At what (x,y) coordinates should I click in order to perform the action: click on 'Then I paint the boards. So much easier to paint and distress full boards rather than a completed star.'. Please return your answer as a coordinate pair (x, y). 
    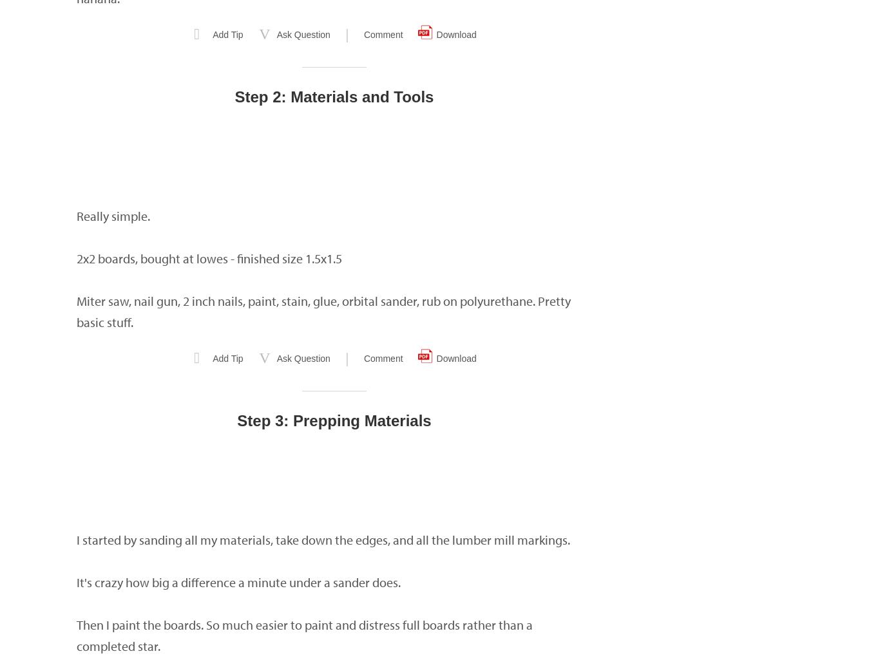
    Looking at the image, I should click on (305, 635).